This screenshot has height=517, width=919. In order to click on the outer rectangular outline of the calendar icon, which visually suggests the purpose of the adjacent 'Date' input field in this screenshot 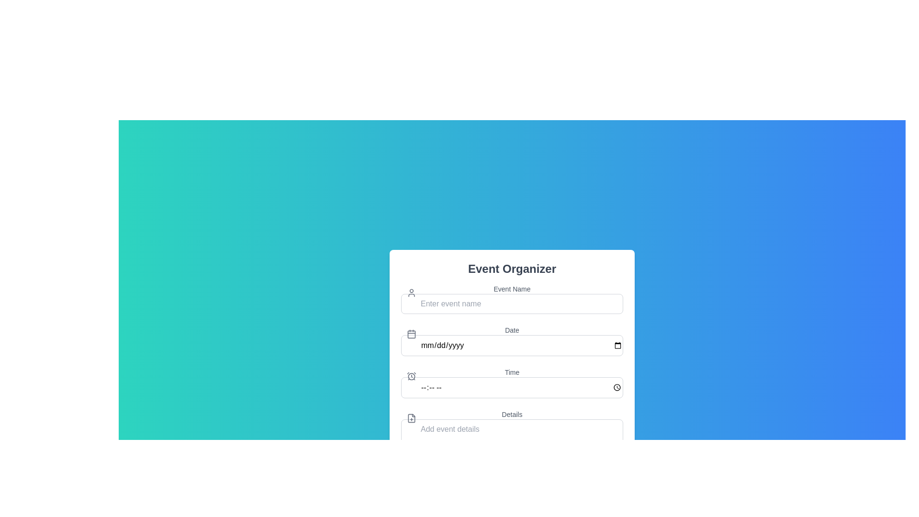, I will do `click(411, 334)`.